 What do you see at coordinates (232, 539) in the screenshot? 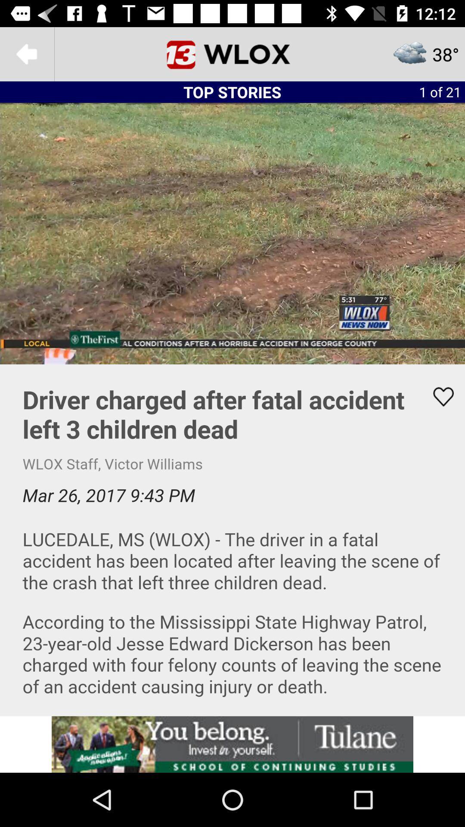
I see `to favorite` at bounding box center [232, 539].